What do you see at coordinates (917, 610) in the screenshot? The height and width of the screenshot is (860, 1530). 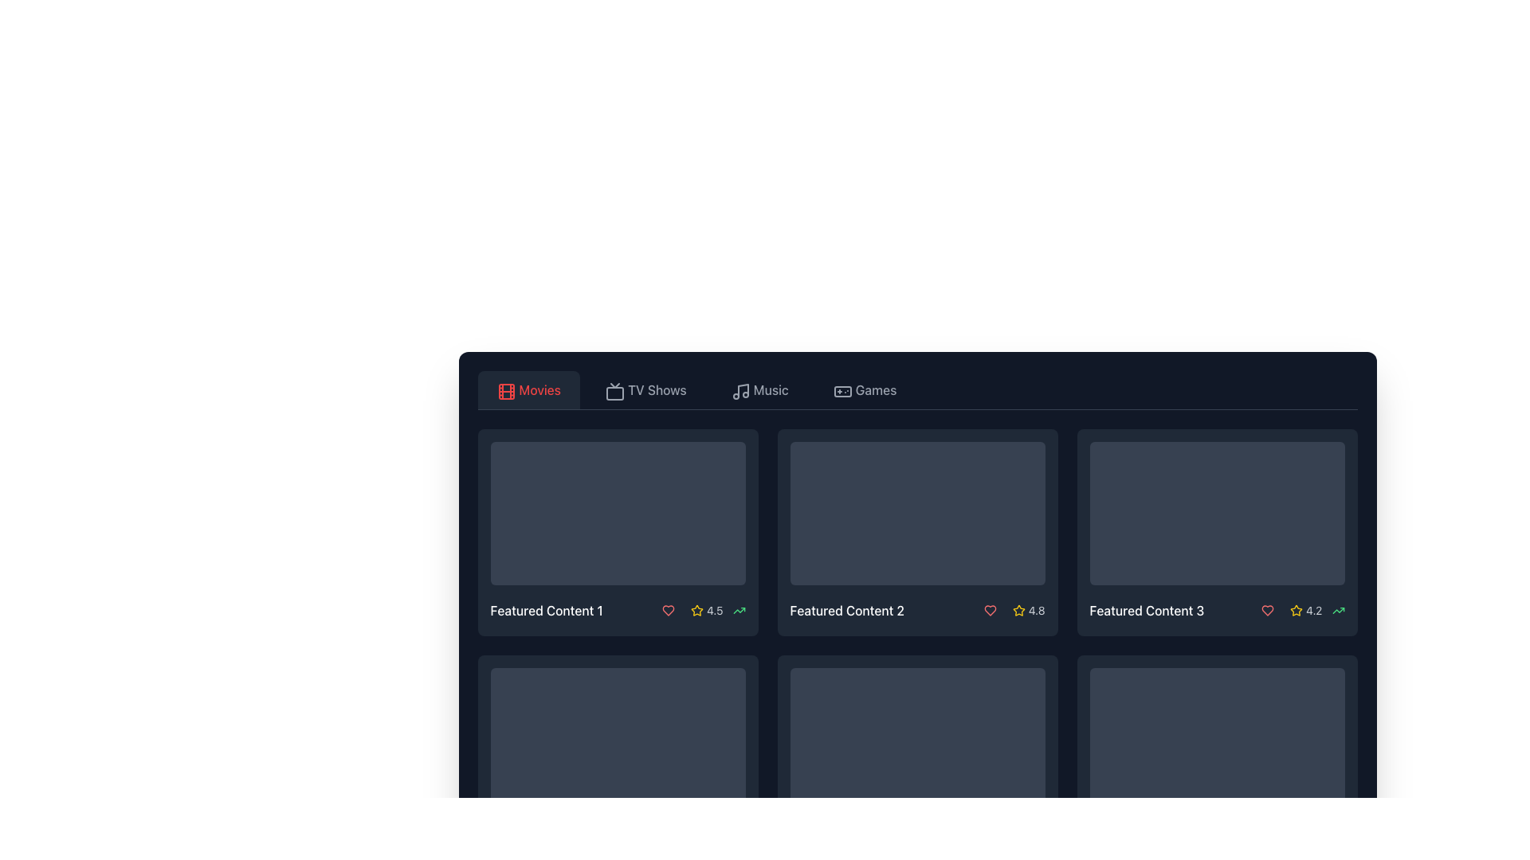 I see `the informational bar displaying 'Featured Content 2' along with icons and the value '4.8'` at bounding box center [917, 610].